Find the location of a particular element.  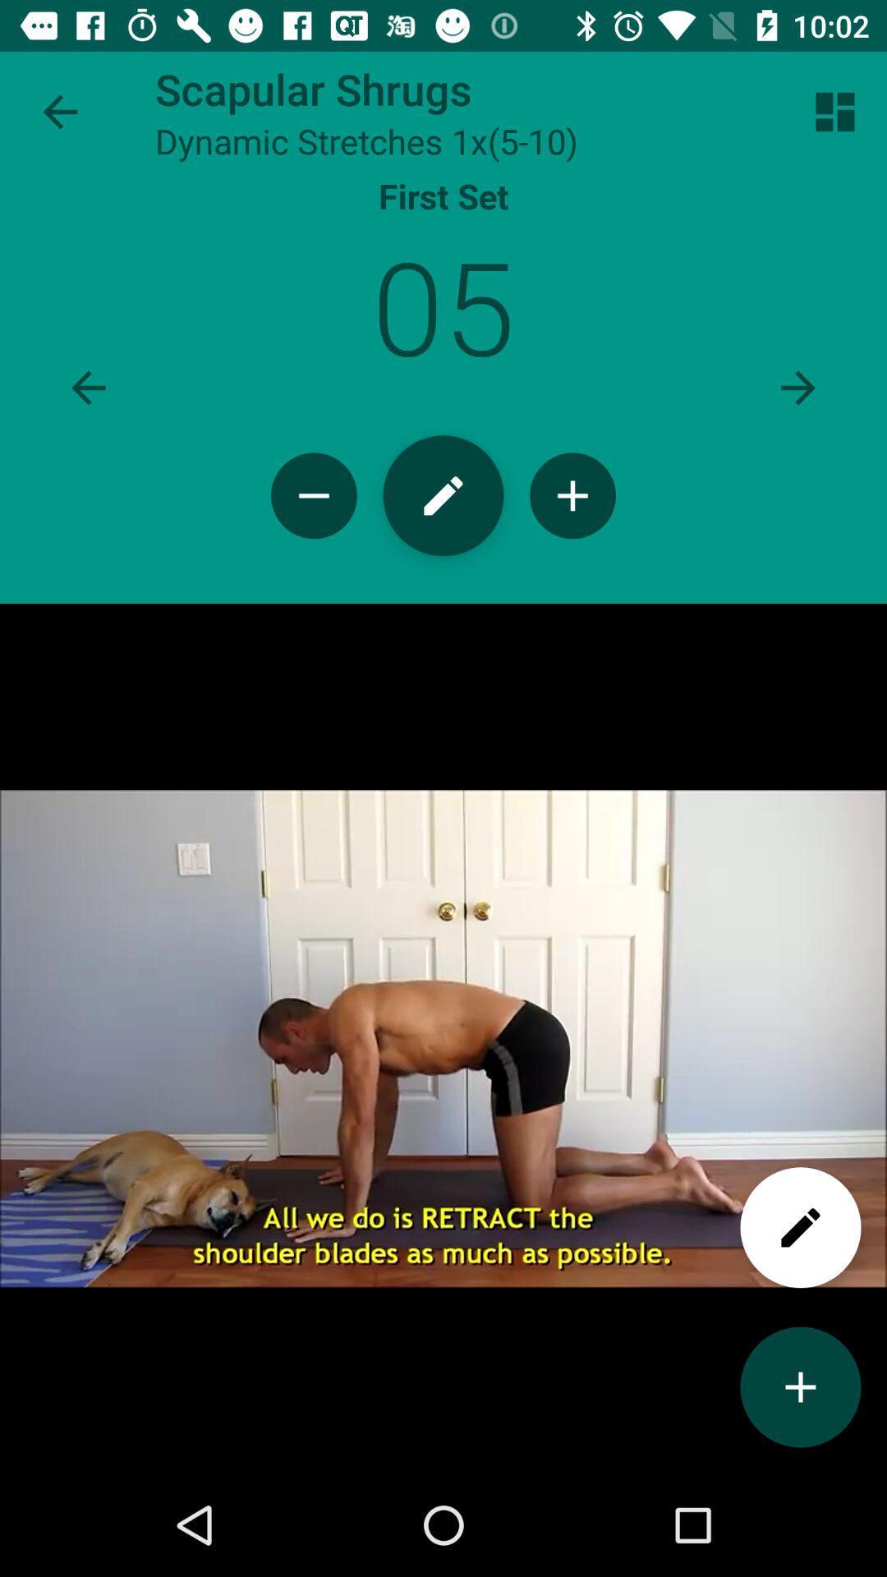

the white color button is located at coordinates (800, 1227).